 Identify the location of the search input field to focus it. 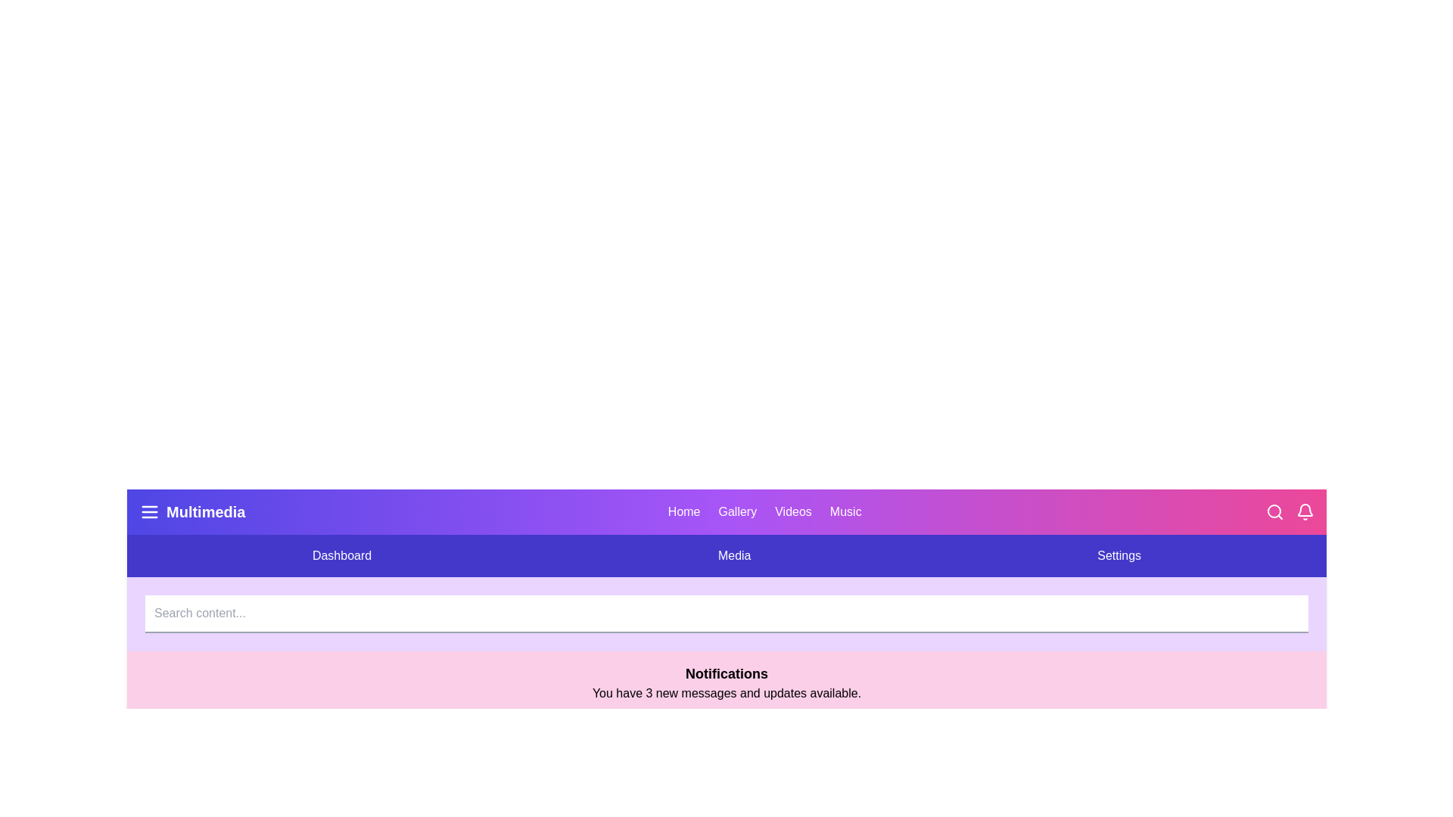
(726, 614).